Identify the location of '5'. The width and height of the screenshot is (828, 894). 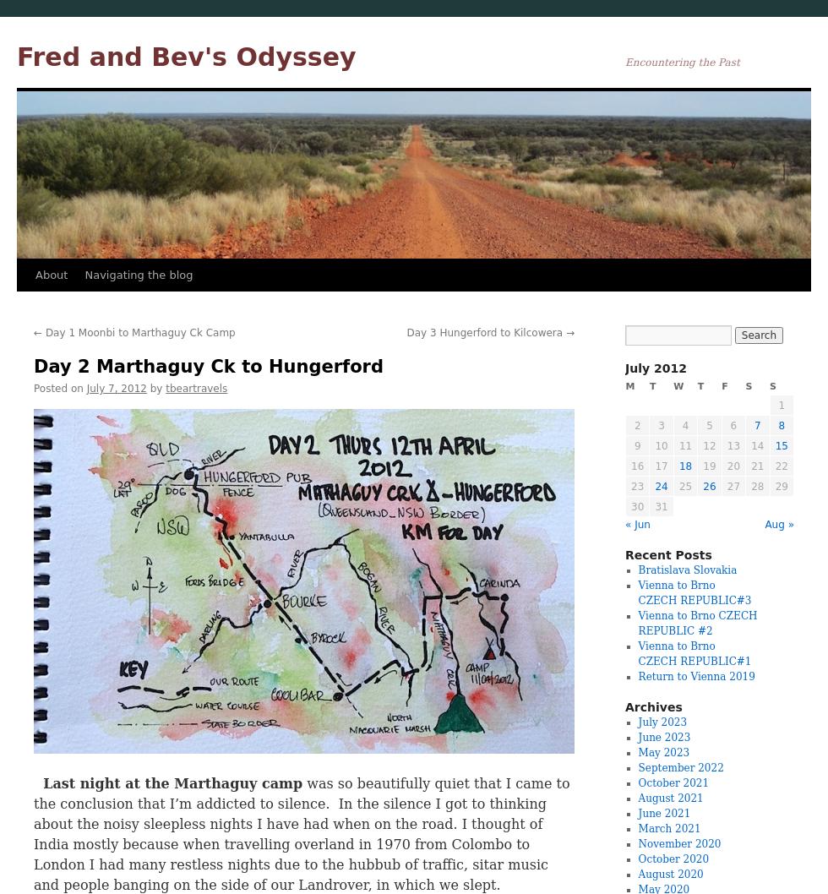
(709, 425).